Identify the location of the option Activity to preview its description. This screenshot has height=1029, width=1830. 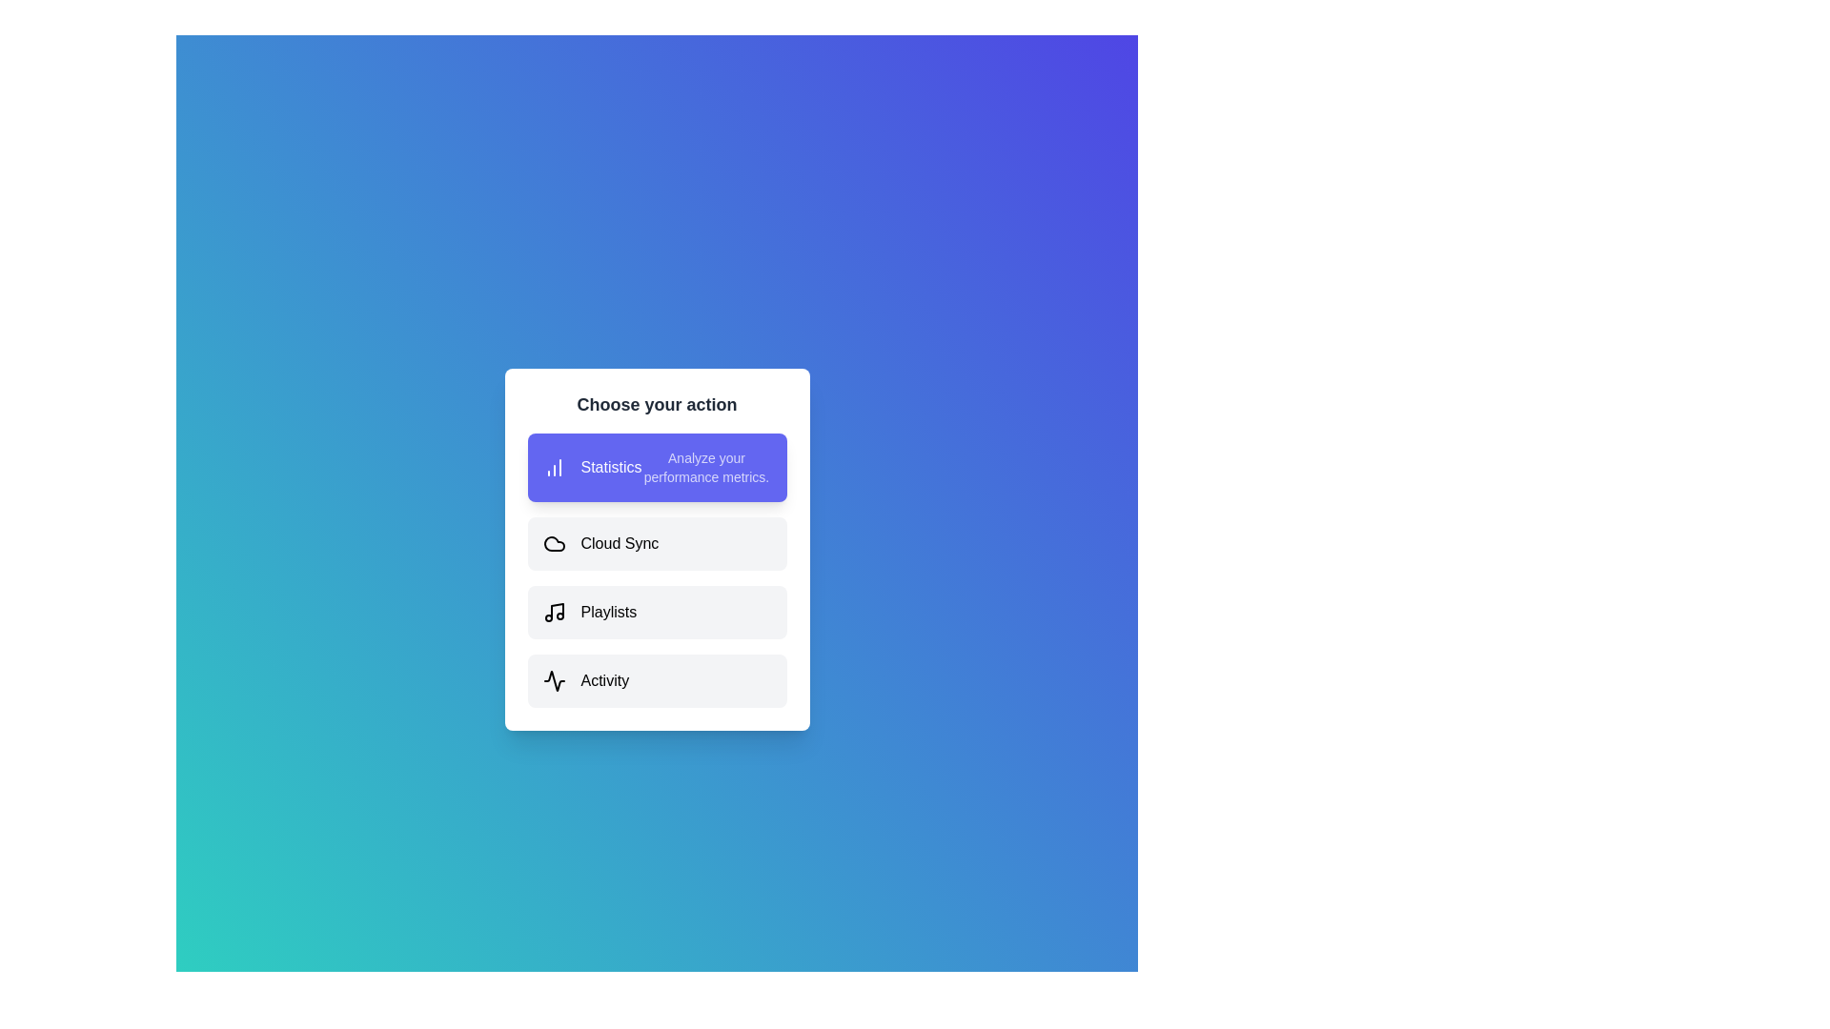
(657, 679).